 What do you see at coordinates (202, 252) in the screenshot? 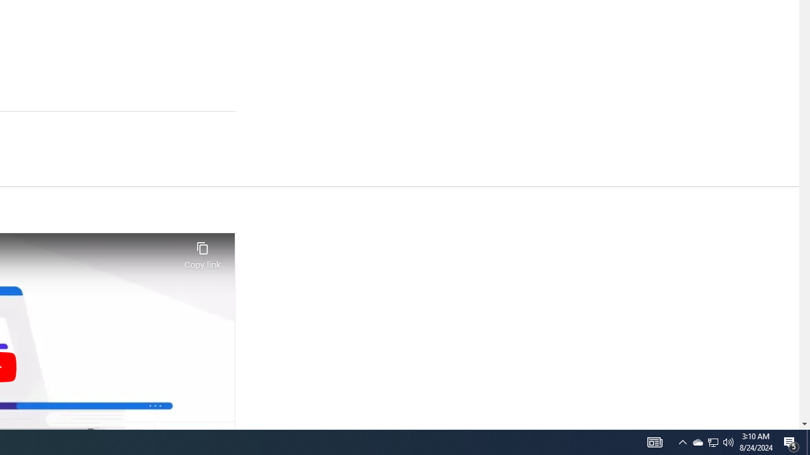
I see `'Copy link'` at bounding box center [202, 252].